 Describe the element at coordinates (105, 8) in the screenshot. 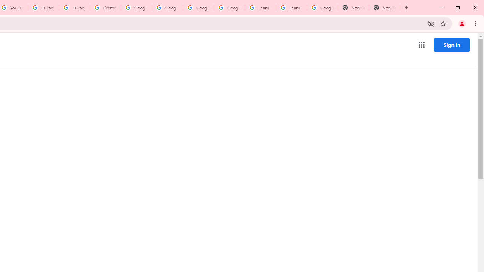

I see `'Create your Google Account'` at that location.